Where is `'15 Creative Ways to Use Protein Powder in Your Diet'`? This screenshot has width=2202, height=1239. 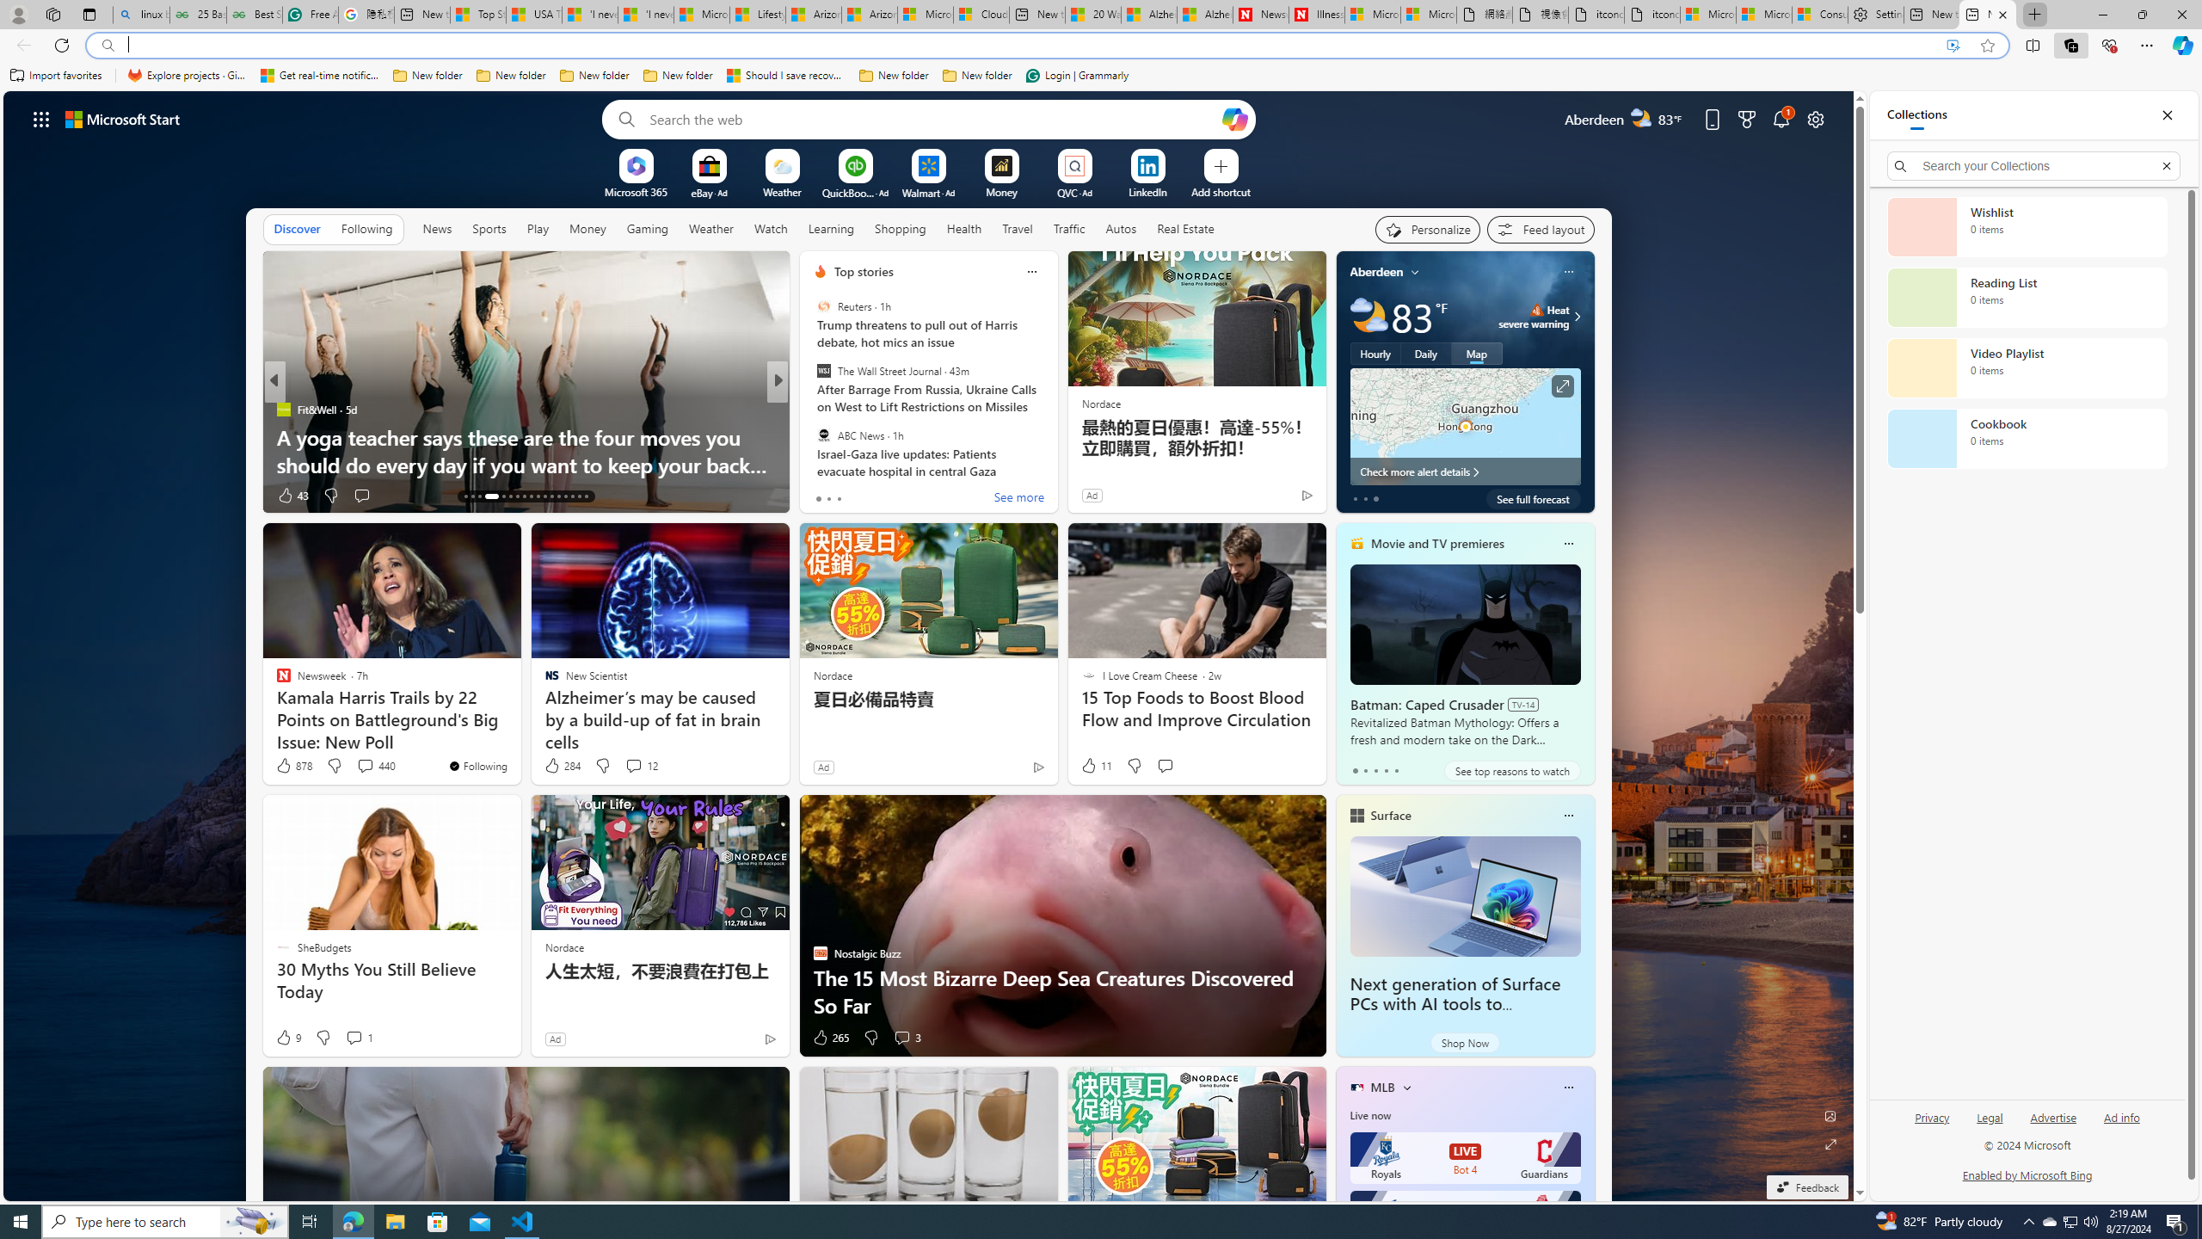 '15 Creative Ways to Use Protein Powder in Your Diet' is located at coordinates (1055, 465).